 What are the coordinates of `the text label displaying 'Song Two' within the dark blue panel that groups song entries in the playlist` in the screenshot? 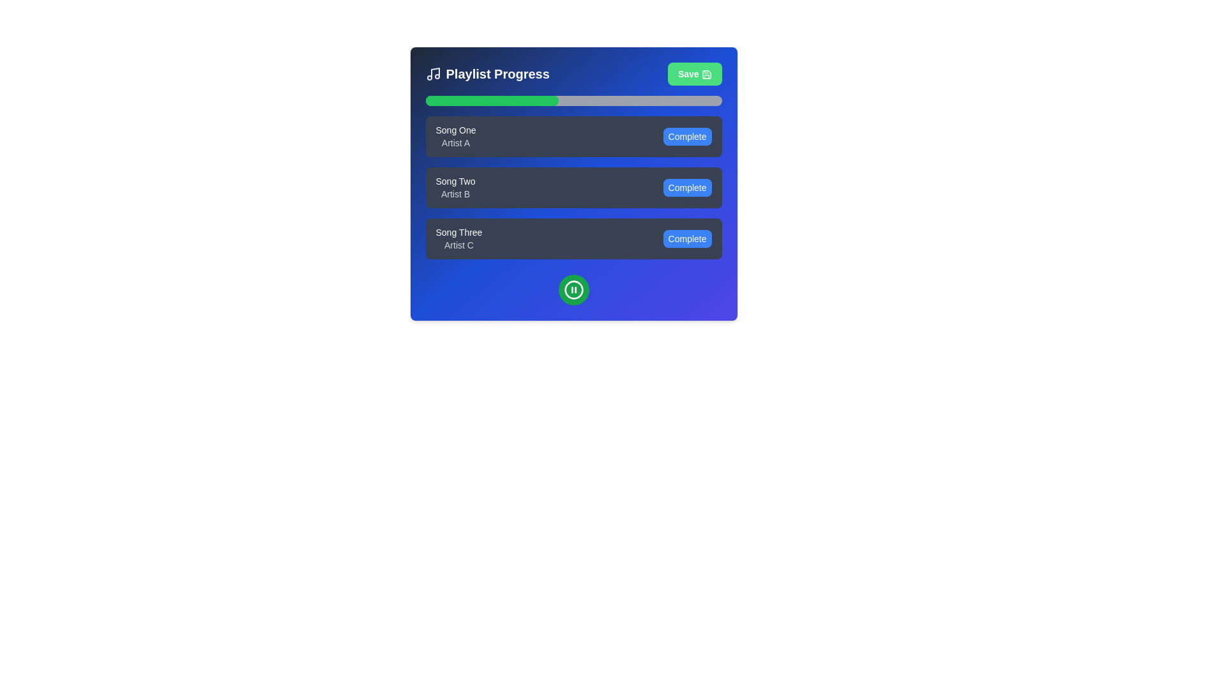 It's located at (455, 181).